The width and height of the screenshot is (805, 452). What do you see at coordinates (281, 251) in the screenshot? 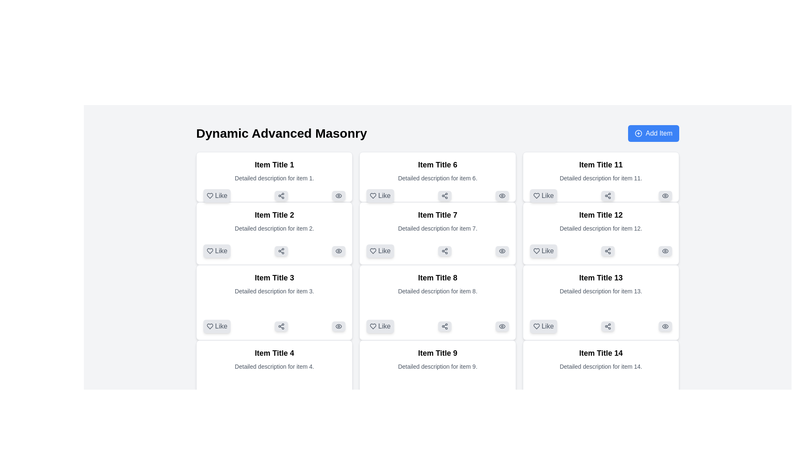
I see `the share button located in the second card of the 'Dynamic Advanced Masonry' grid layout` at bounding box center [281, 251].